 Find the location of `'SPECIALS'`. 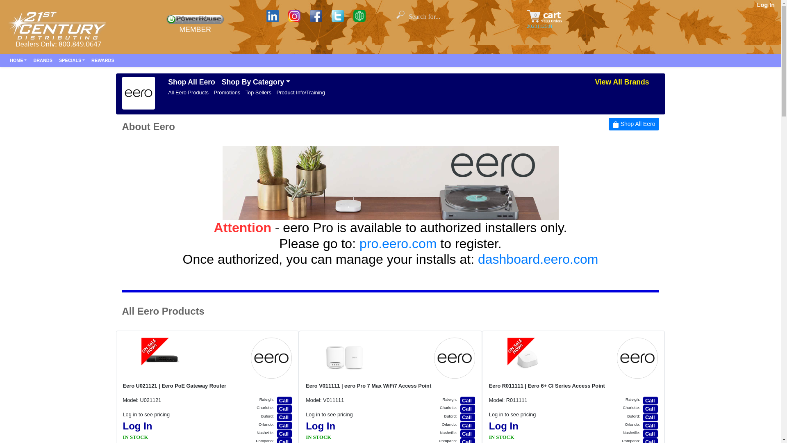

'SPECIALS' is located at coordinates (72, 59).